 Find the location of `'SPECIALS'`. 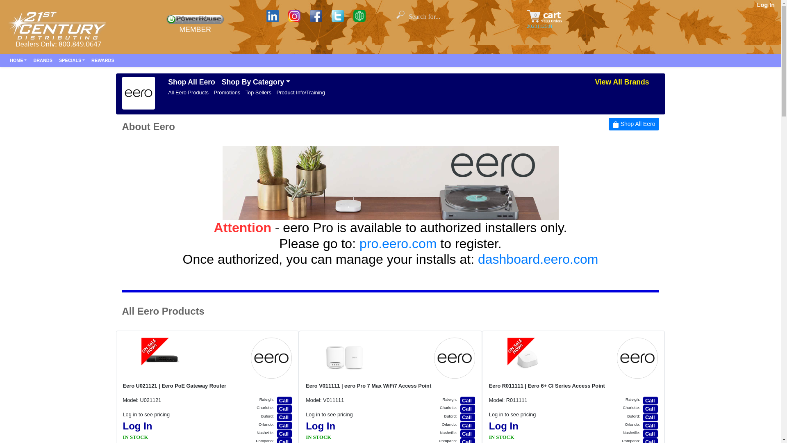

'SPECIALS' is located at coordinates (72, 59).